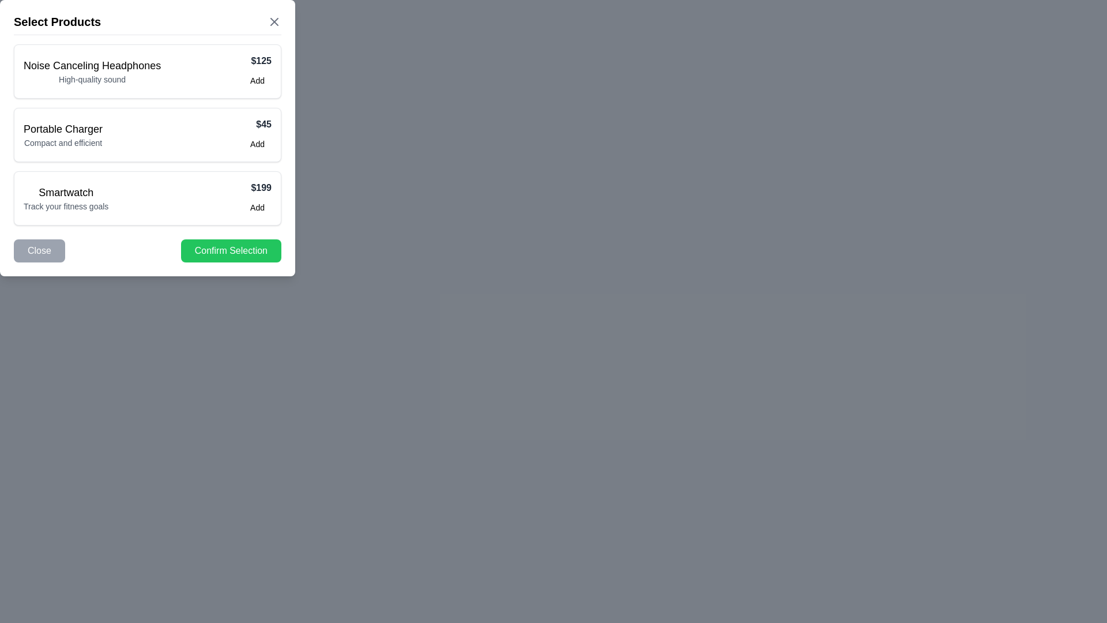 Image resolution: width=1107 pixels, height=623 pixels. I want to click on the Close button located at the bottom-left corner of the dialog, so click(39, 250).